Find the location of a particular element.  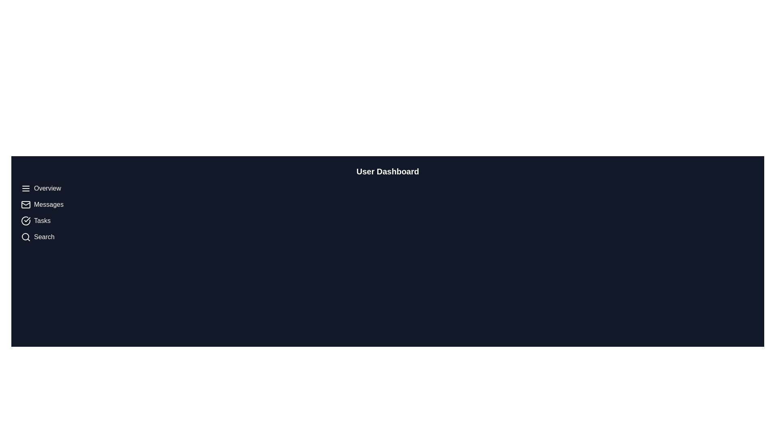

the 'User Dashboard' text label, which is prominently displayed at the top-center of the interface in a large, bold font against a dark background is located at coordinates (387, 171).